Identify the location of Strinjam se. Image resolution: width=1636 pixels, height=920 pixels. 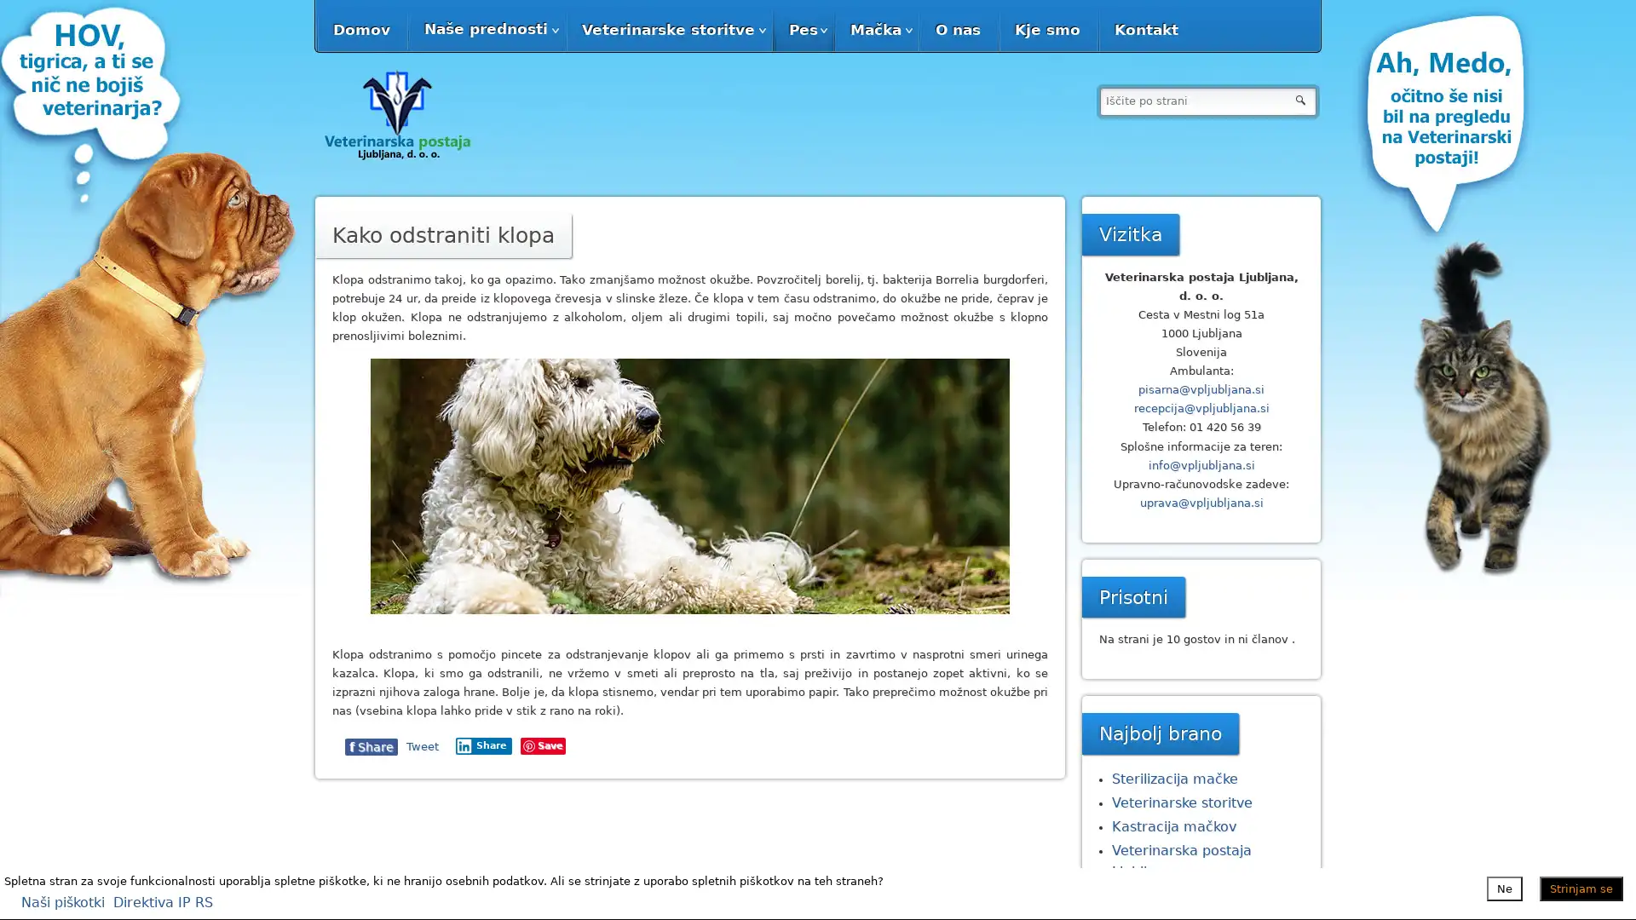
(1581, 887).